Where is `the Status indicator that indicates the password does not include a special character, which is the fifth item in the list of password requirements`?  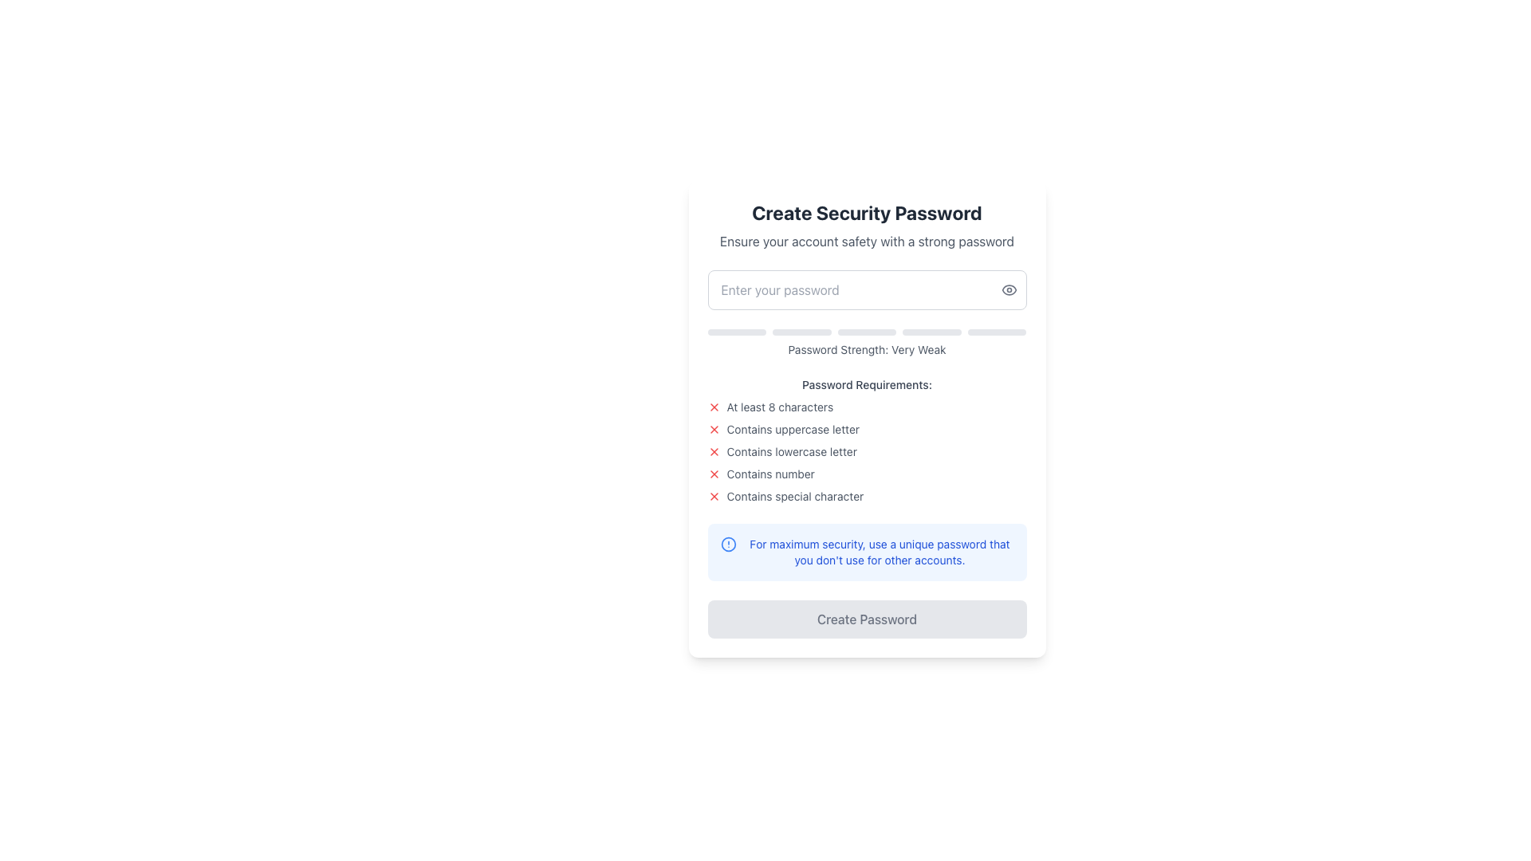 the Status indicator that indicates the password does not include a special character, which is the fifth item in the list of password requirements is located at coordinates (866, 496).